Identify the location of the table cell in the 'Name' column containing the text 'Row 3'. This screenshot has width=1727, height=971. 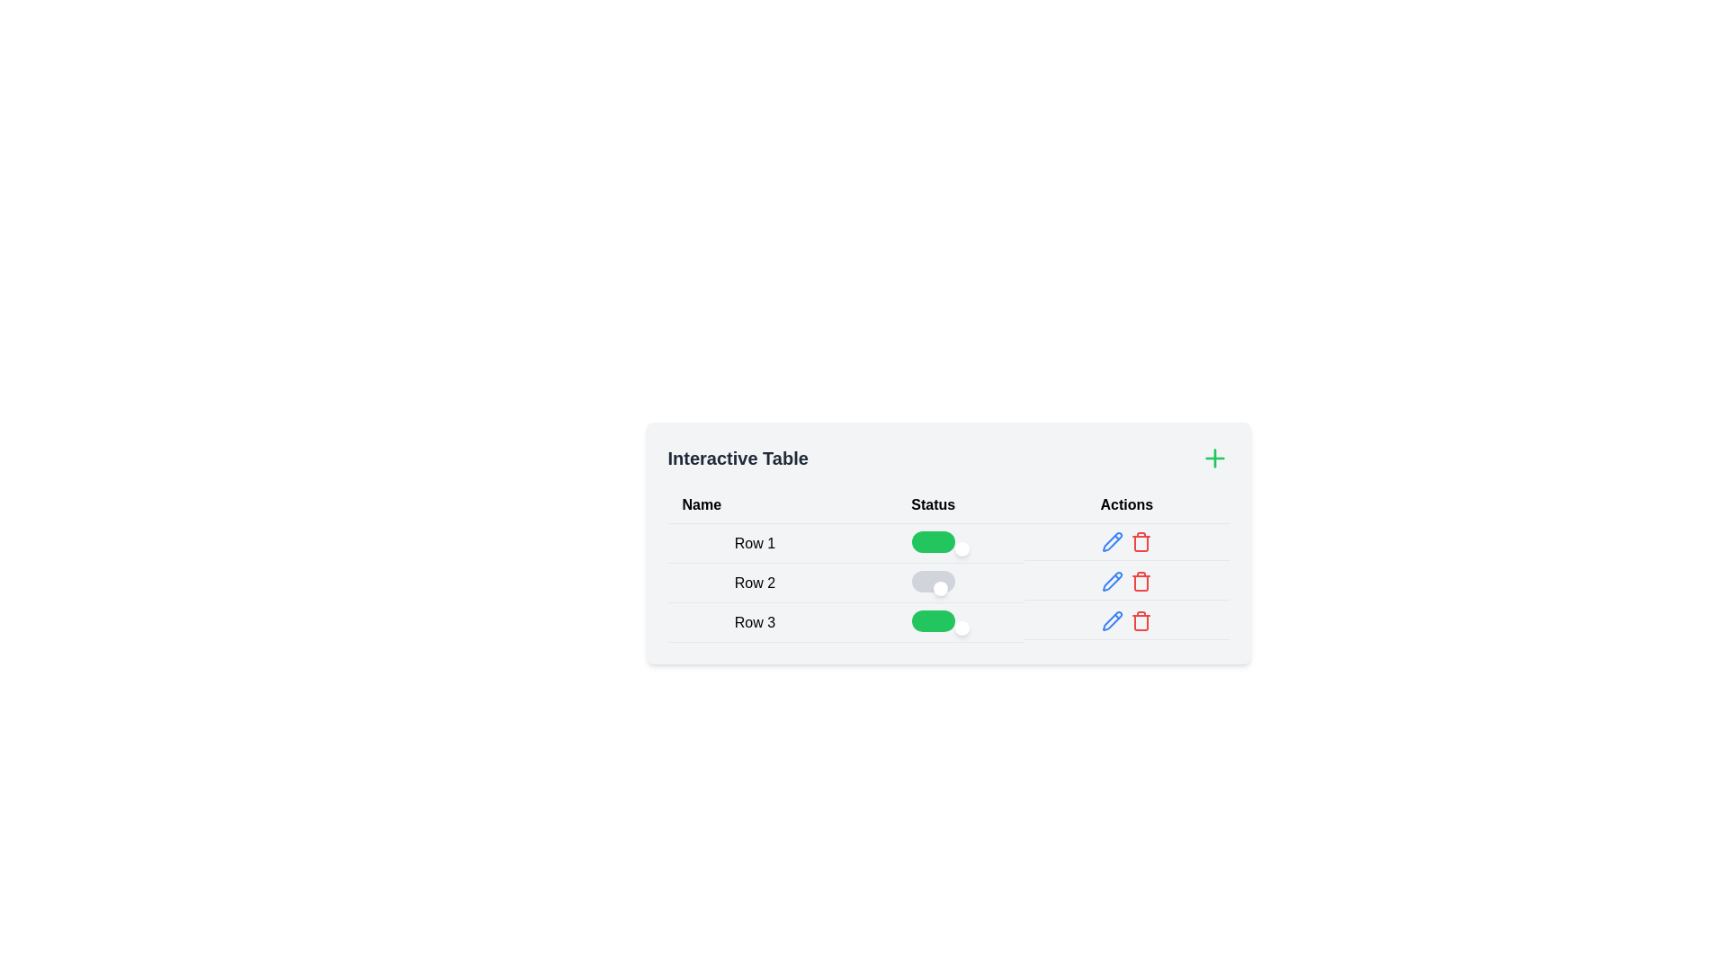
(755, 621).